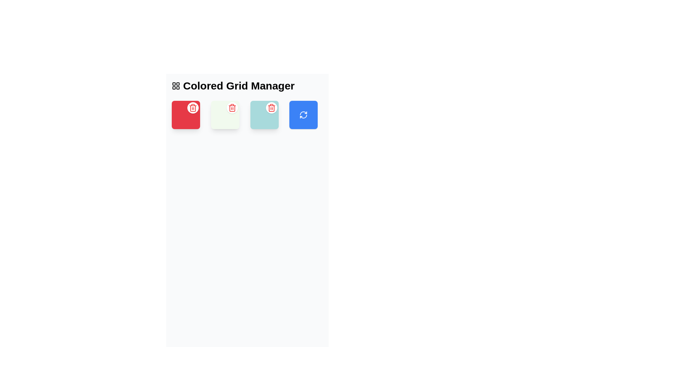 This screenshot has height=382, width=680. I want to click on the red trash can icon button located in the top-right corner of the red card in the Colored Grid Manager interface, so click(193, 108).